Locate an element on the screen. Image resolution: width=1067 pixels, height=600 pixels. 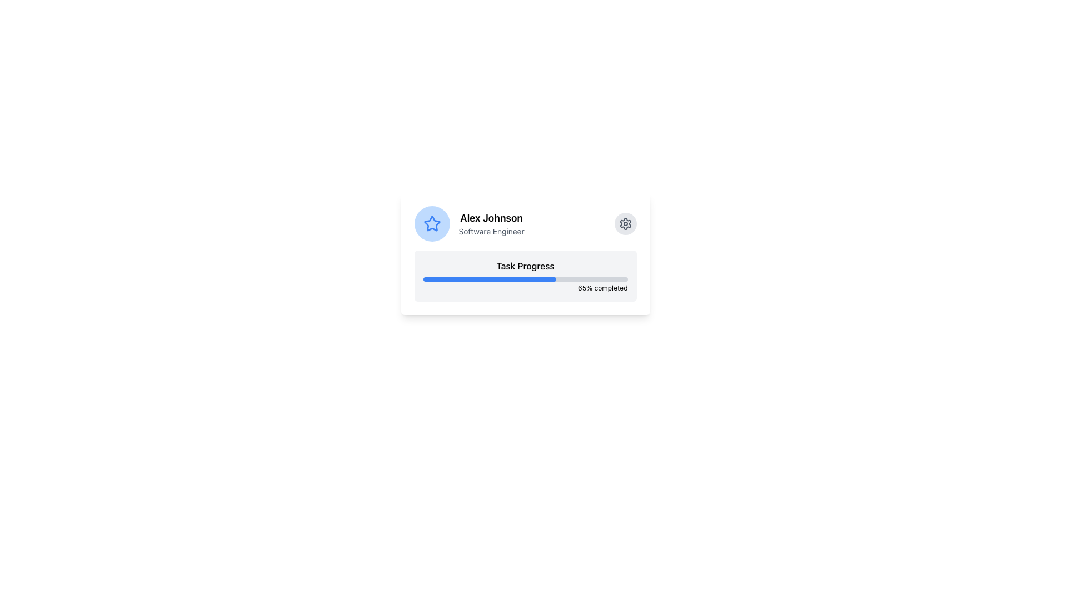
the decorative circular badge with a light blue background and a dark blue star icon, which is located to the far left of the layout containing the text 'Alex Johnson' and 'Software Engineer' is located at coordinates (431, 223).